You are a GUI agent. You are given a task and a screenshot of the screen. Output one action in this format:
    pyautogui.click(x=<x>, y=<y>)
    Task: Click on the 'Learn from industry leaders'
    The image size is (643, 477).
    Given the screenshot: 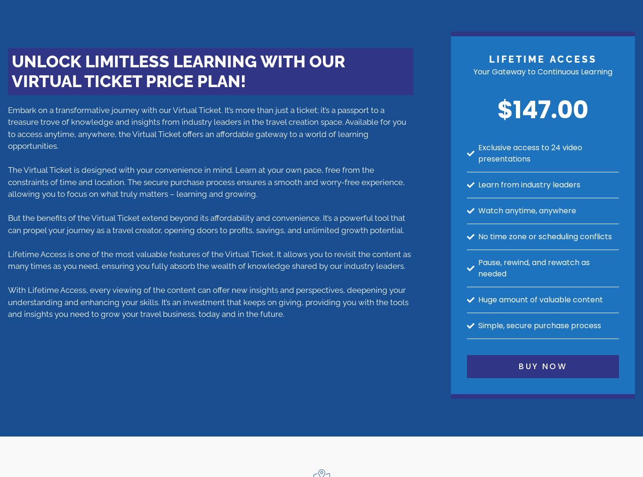 What is the action you would take?
    pyautogui.click(x=478, y=184)
    